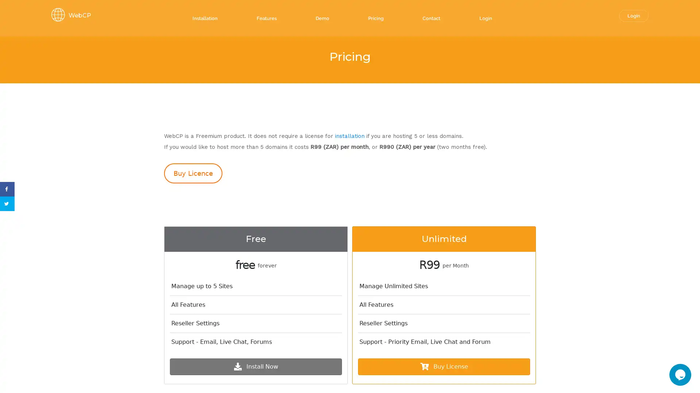 The height and width of the screenshot is (393, 700). I want to click on Buy License, so click(444, 366).